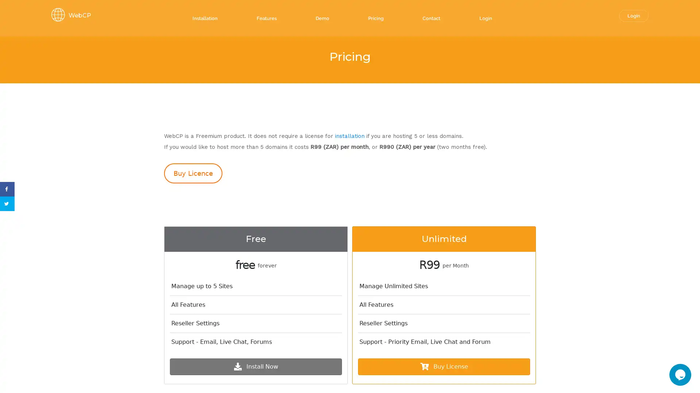 The height and width of the screenshot is (393, 700). I want to click on Buy License, so click(444, 366).